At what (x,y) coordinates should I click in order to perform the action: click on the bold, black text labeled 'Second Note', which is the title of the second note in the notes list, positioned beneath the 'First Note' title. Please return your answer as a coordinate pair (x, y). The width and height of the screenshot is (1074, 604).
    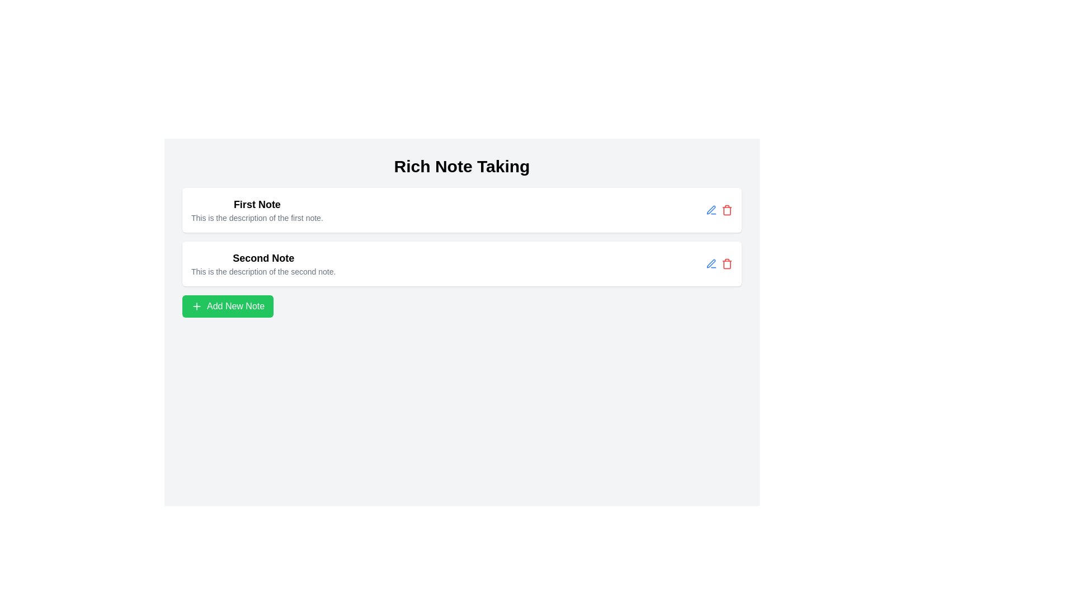
    Looking at the image, I should click on (263, 258).